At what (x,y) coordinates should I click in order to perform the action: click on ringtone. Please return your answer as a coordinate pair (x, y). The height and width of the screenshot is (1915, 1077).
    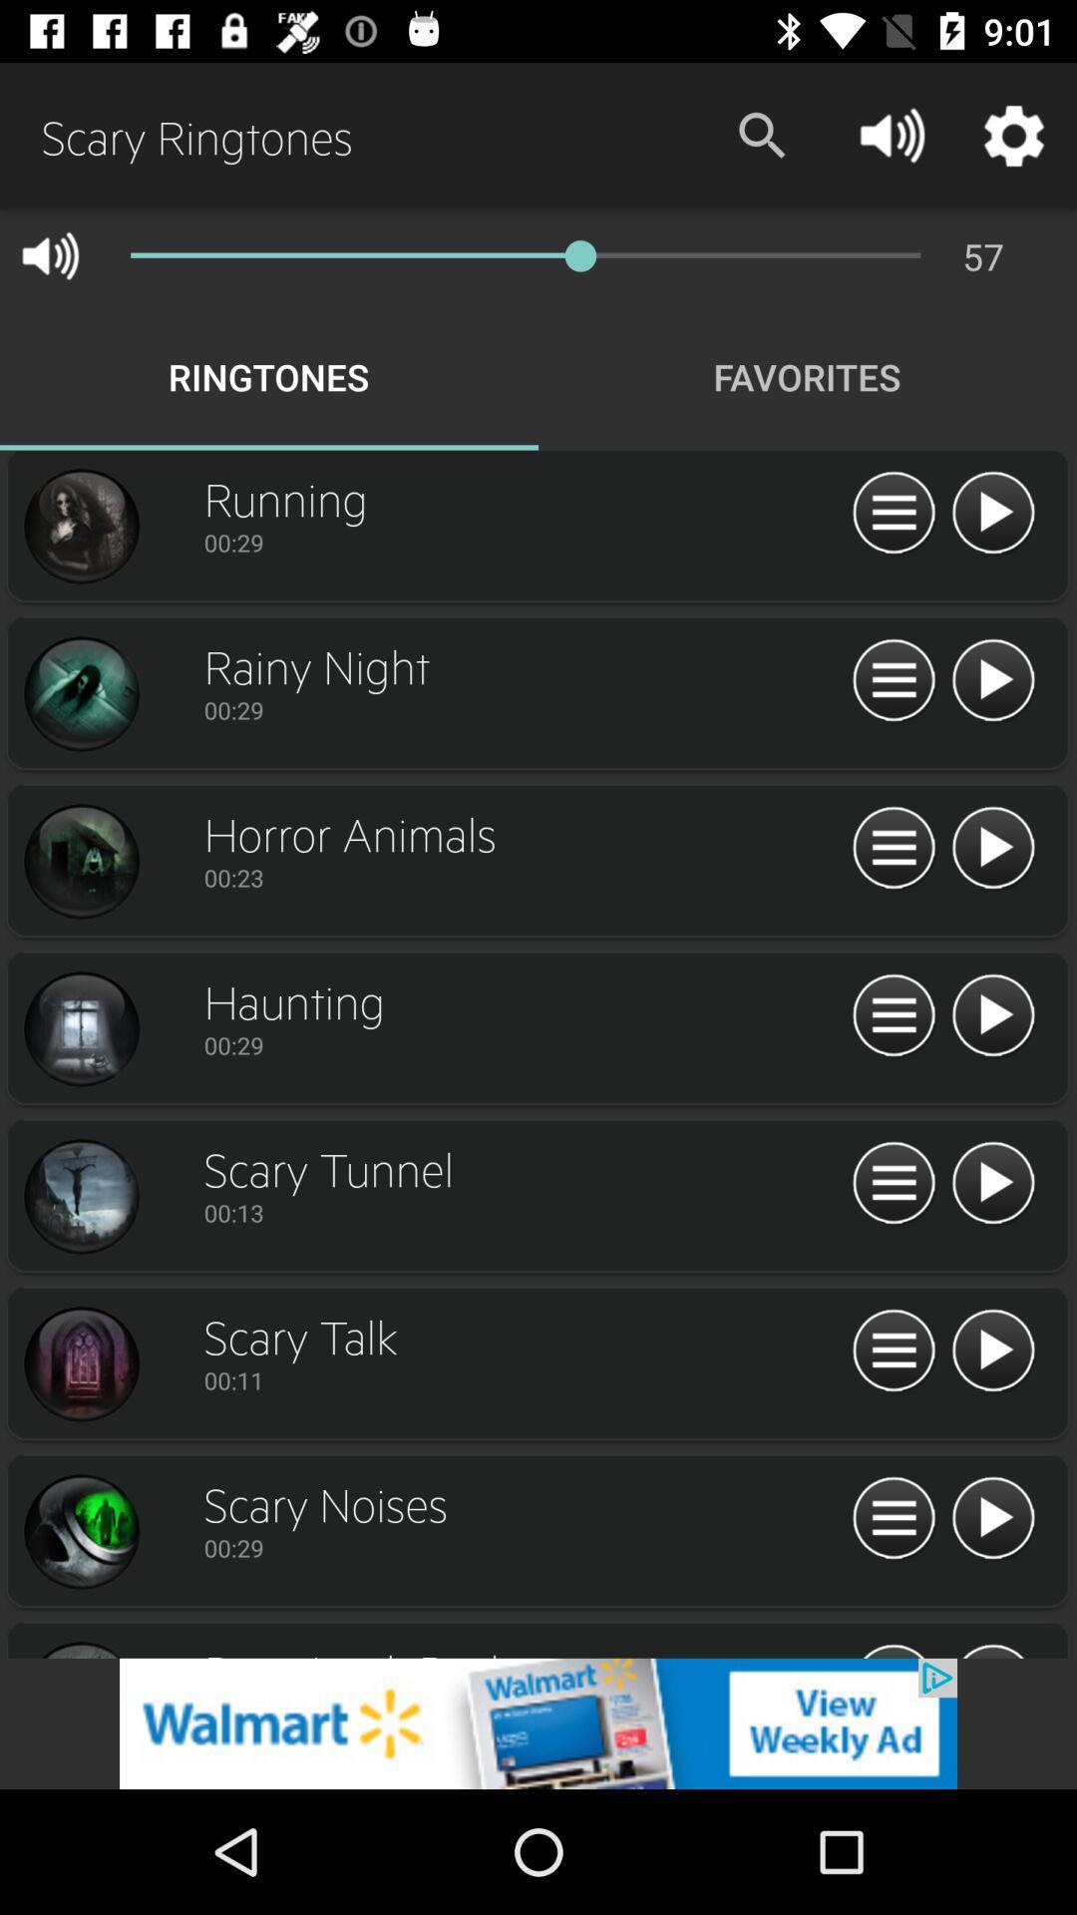
    Looking at the image, I should click on (992, 1016).